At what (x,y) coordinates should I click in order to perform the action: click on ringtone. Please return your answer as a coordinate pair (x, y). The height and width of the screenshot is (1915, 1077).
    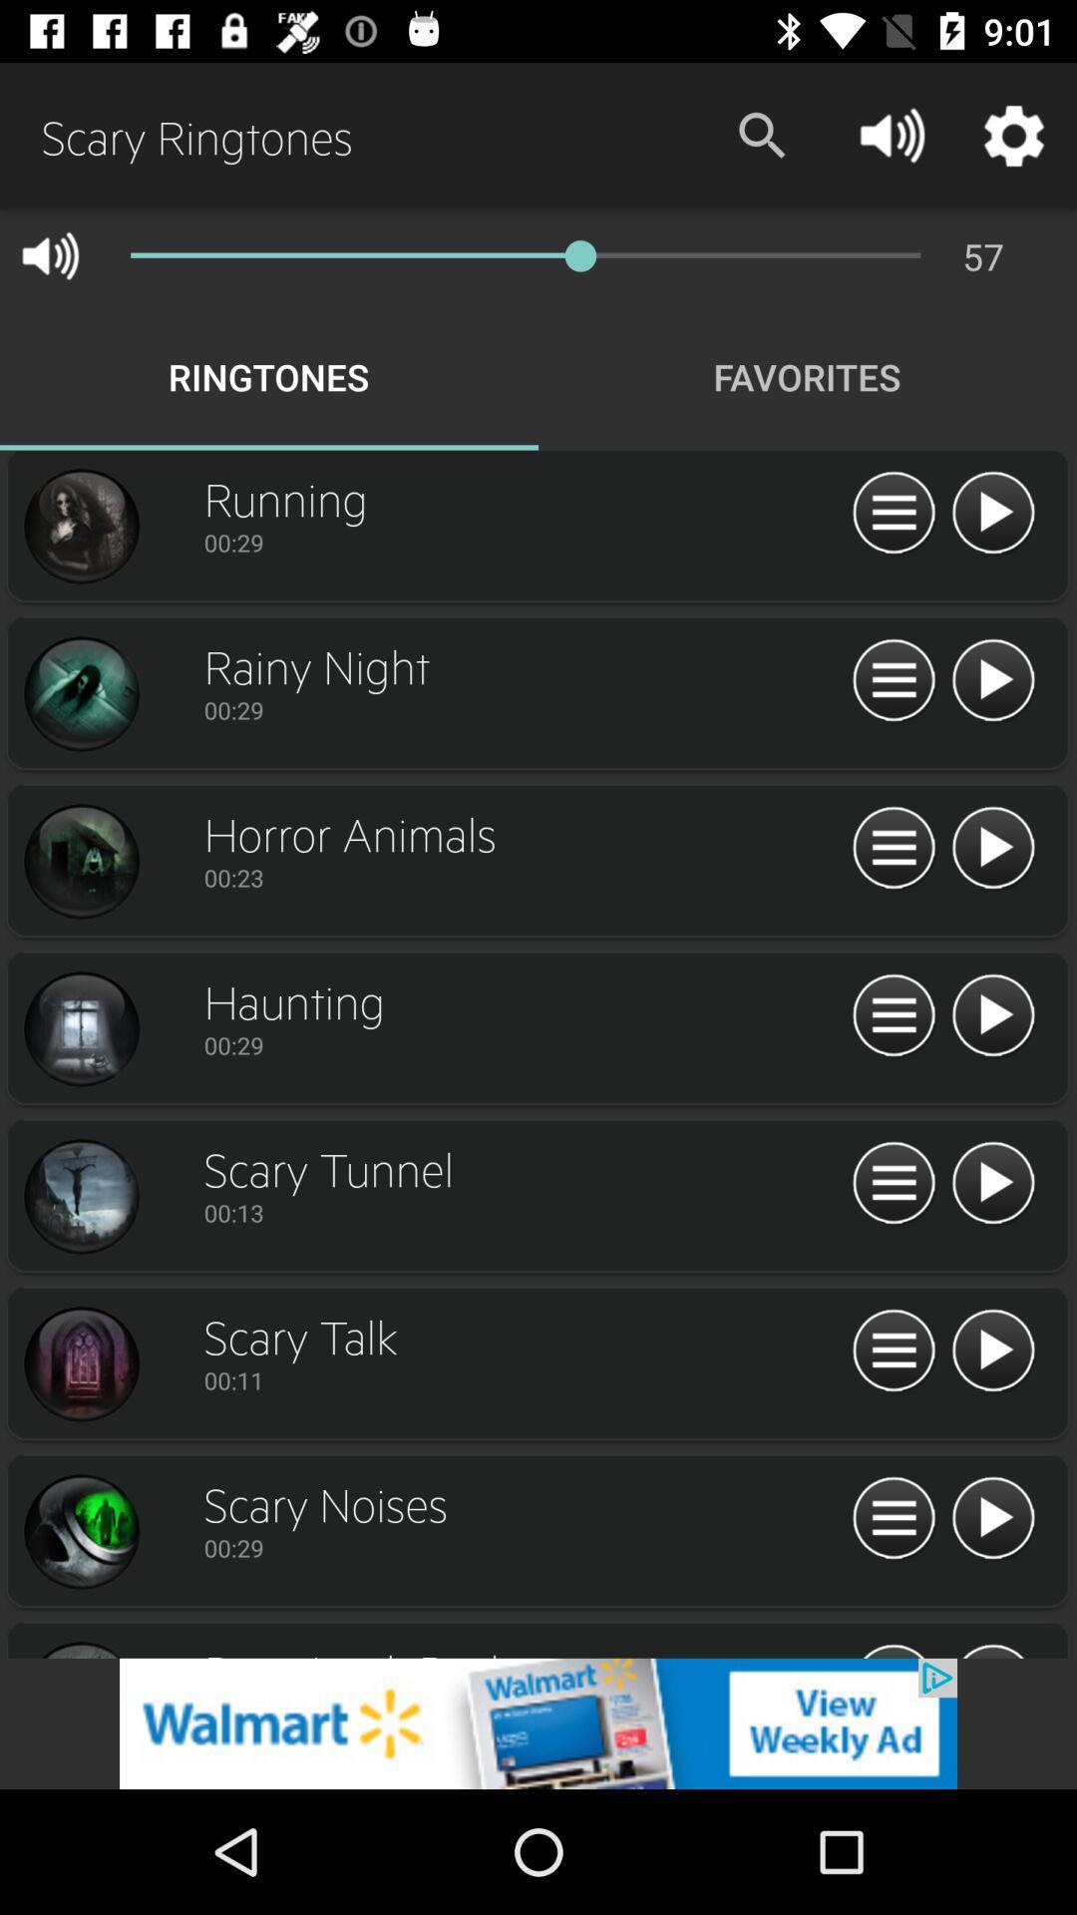
    Looking at the image, I should click on (992, 1016).